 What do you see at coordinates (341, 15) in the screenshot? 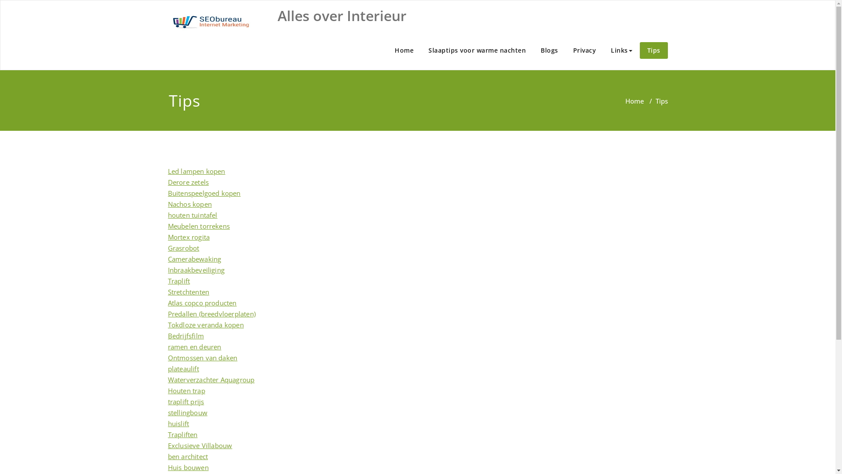
I see `'Alles over Interieur'` at bounding box center [341, 15].